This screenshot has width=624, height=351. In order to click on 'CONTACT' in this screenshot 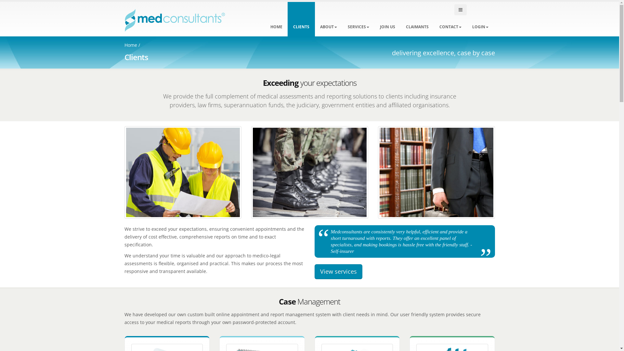, I will do `click(450, 19)`.